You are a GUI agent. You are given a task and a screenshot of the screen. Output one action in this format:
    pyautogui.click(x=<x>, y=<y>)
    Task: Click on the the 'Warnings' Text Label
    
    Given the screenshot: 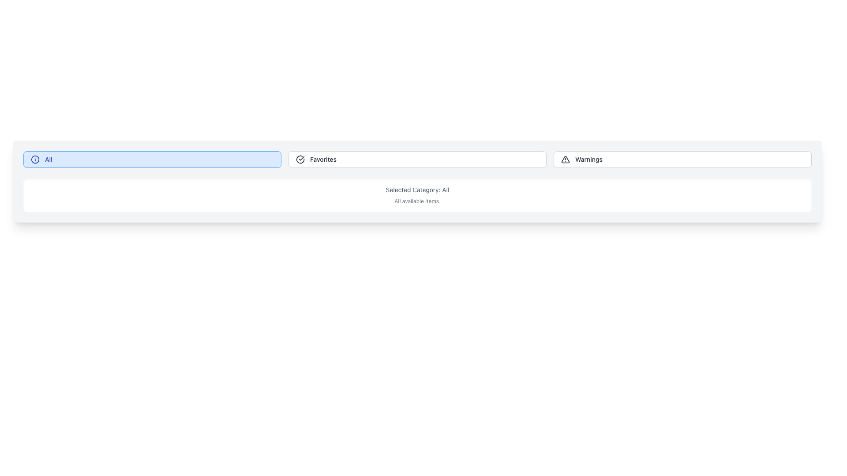 What is the action you would take?
    pyautogui.click(x=588, y=160)
    